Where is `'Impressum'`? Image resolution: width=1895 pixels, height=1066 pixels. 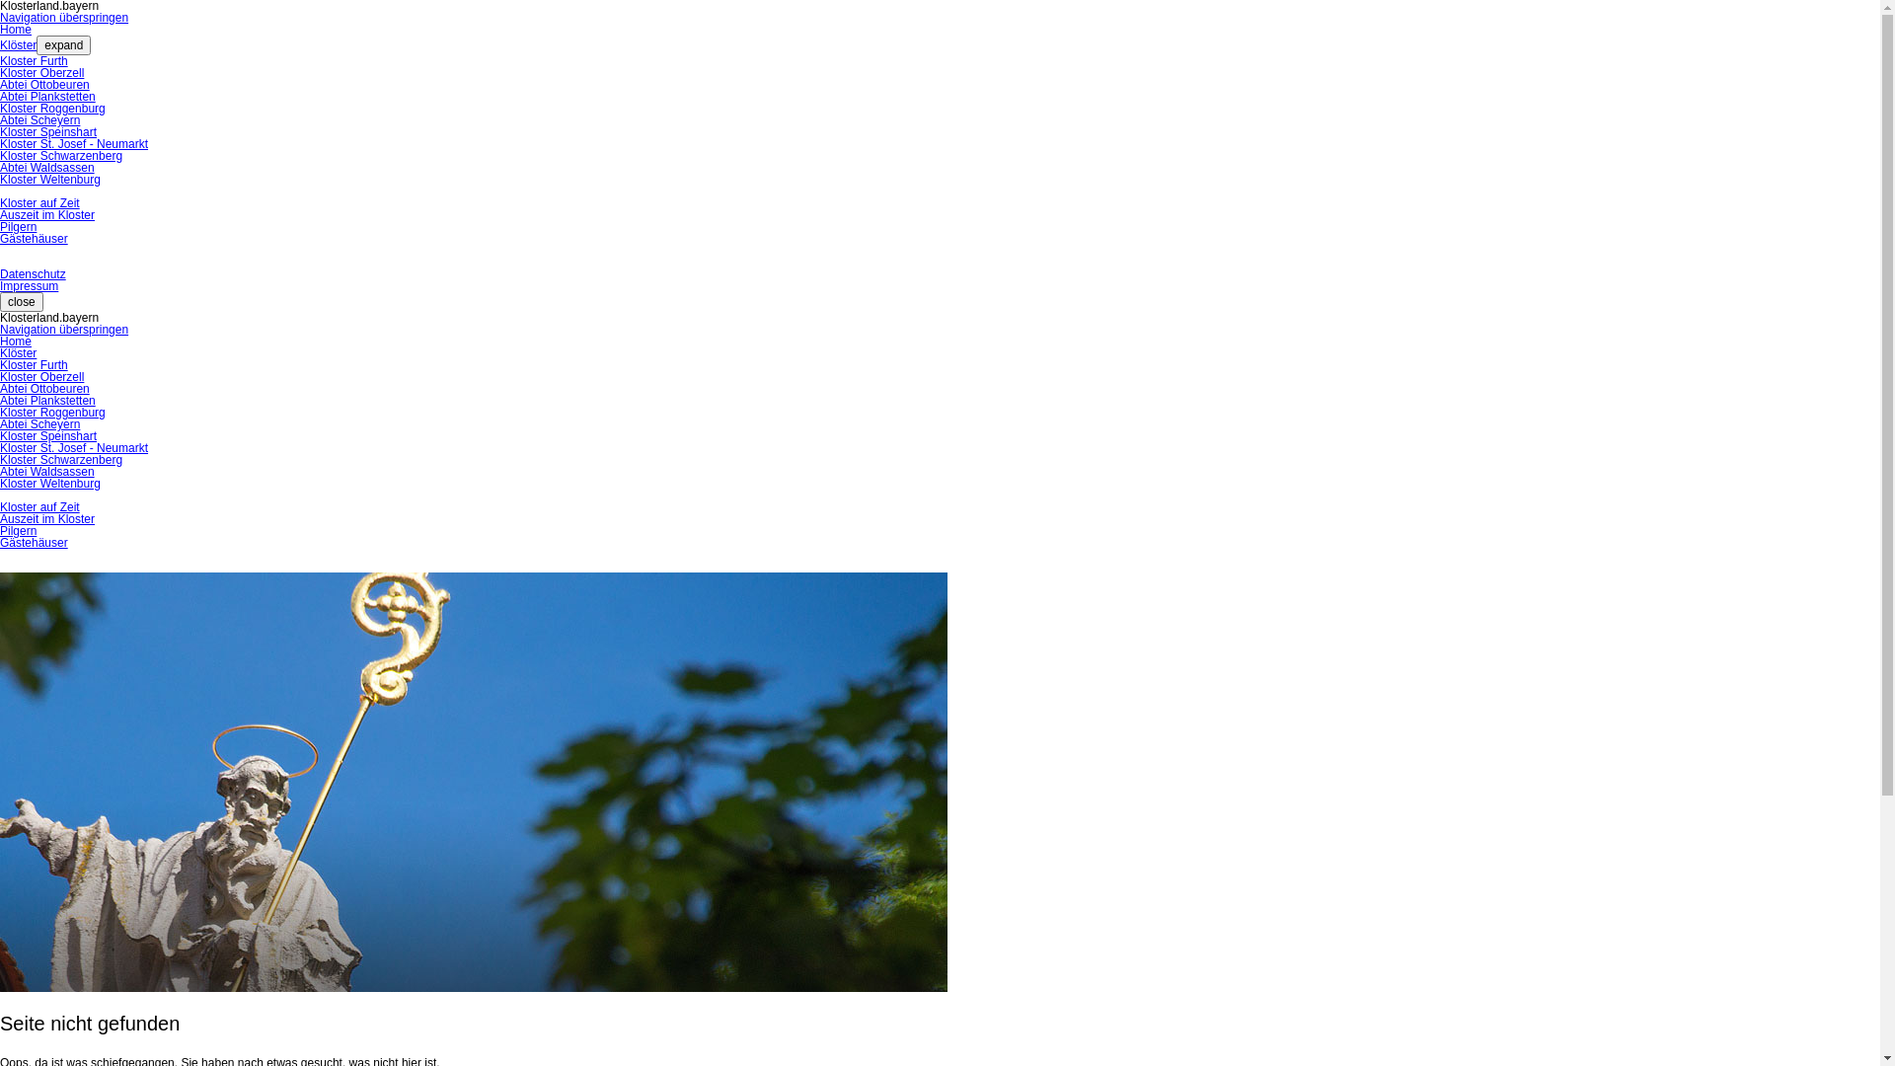 'Impressum' is located at coordinates (29, 285).